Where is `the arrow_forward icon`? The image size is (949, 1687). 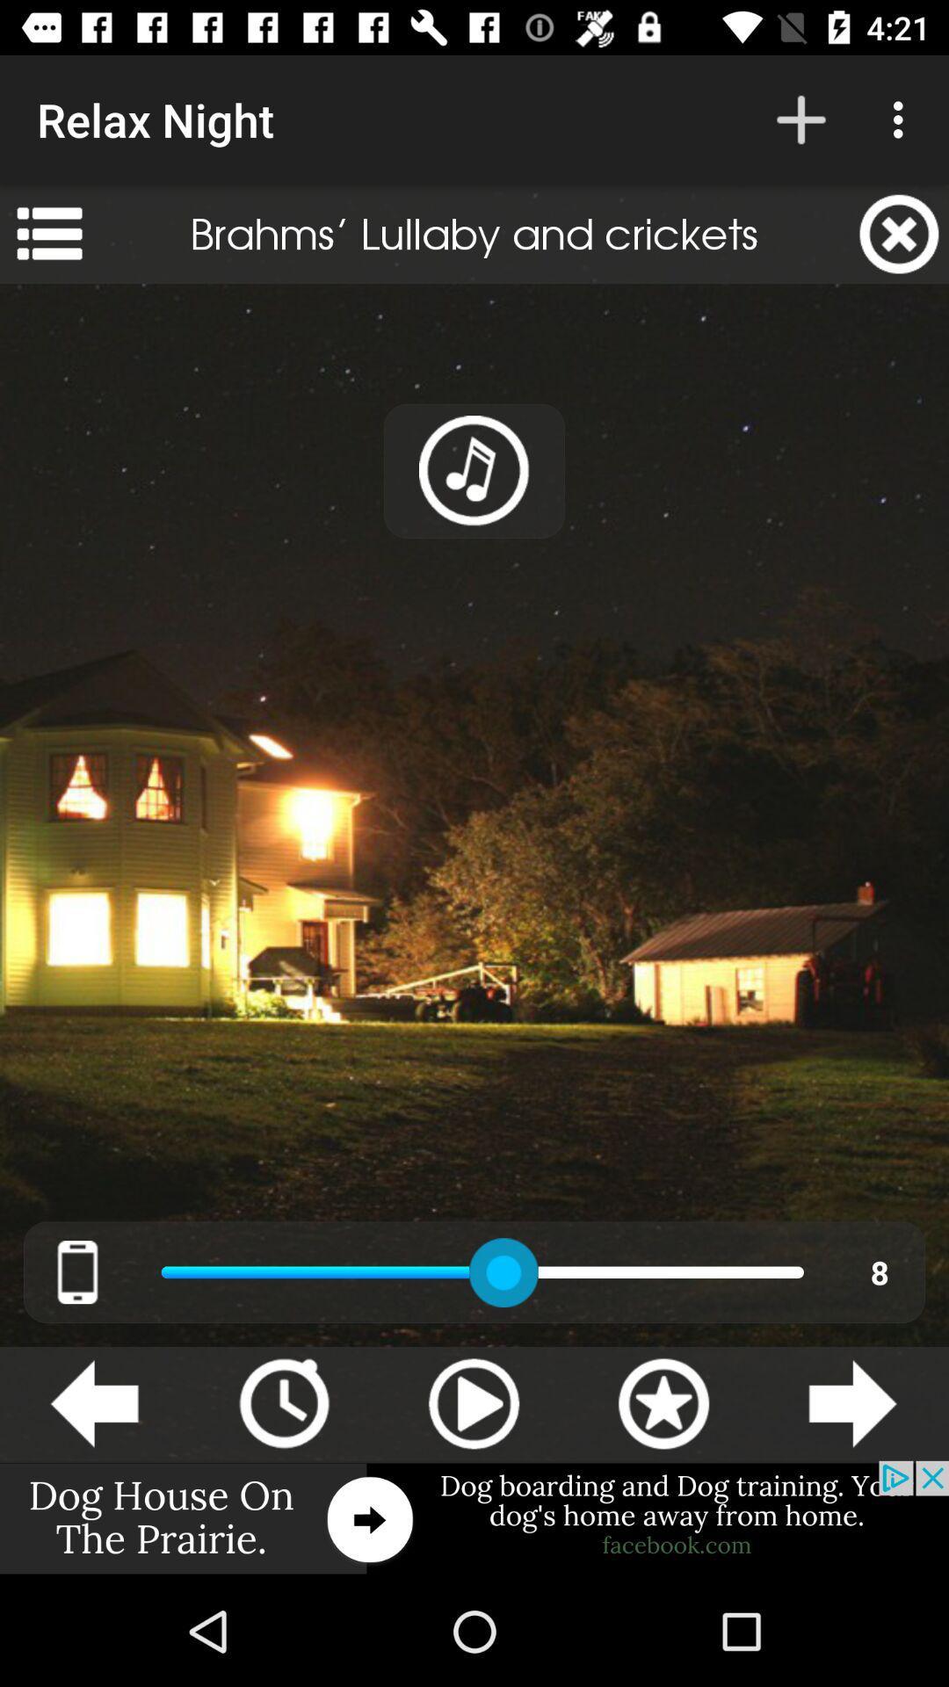 the arrow_forward icon is located at coordinates (851, 1402).